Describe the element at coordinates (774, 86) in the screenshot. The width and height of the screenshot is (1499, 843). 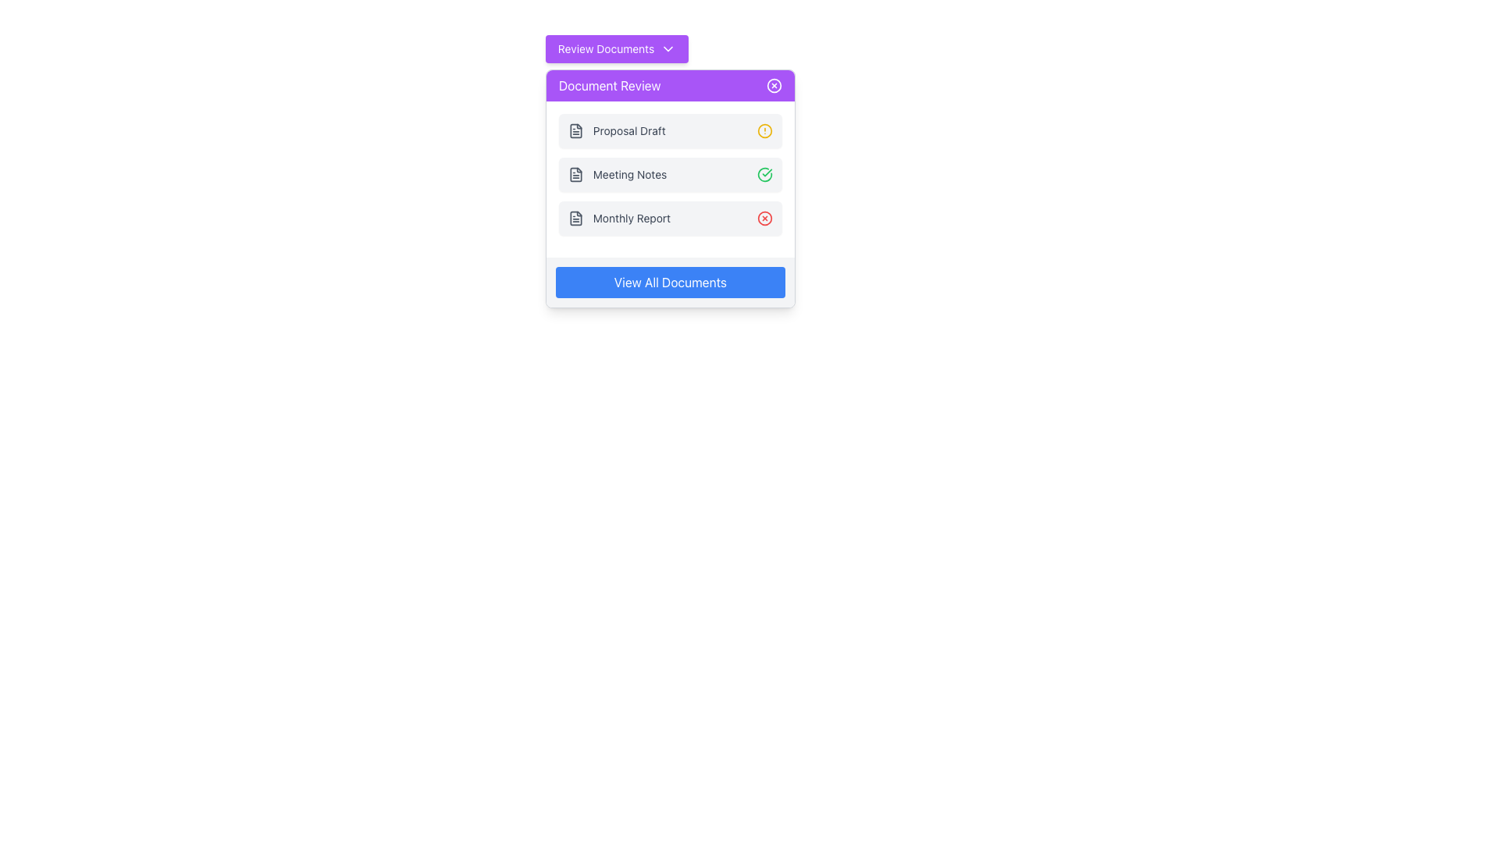
I see `the close icon located at the top-right corner of the 'Document Review' header, which is part of an interactive feature for dismissing the document review` at that location.